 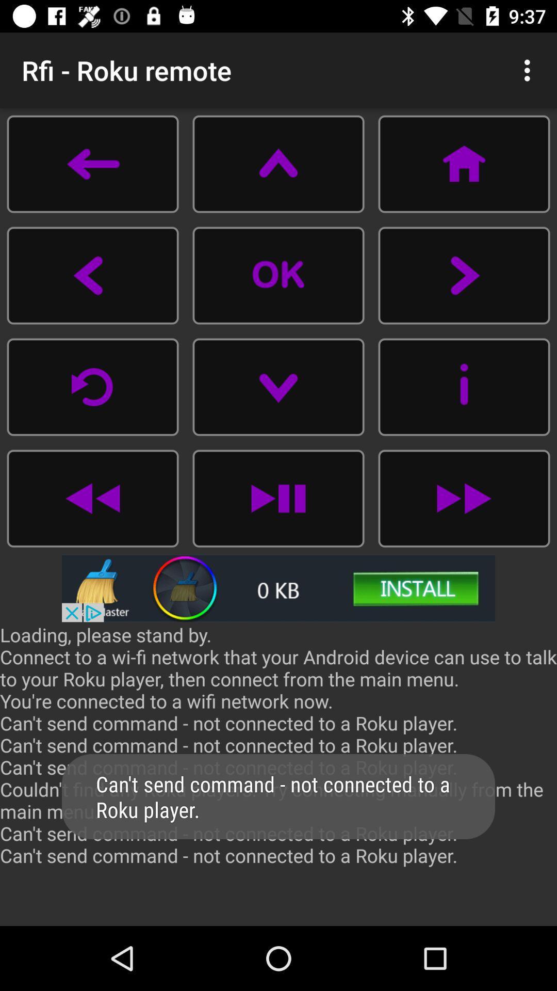 What do you see at coordinates (93, 386) in the screenshot?
I see `anti-clockwise rotation the article` at bounding box center [93, 386].